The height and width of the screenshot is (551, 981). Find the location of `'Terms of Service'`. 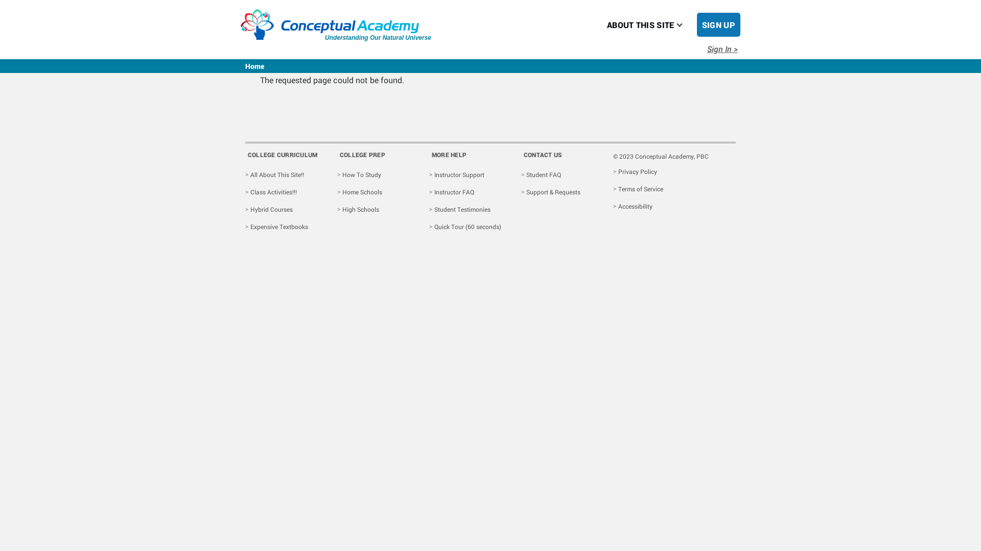

'Terms of Service' is located at coordinates (640, 189).